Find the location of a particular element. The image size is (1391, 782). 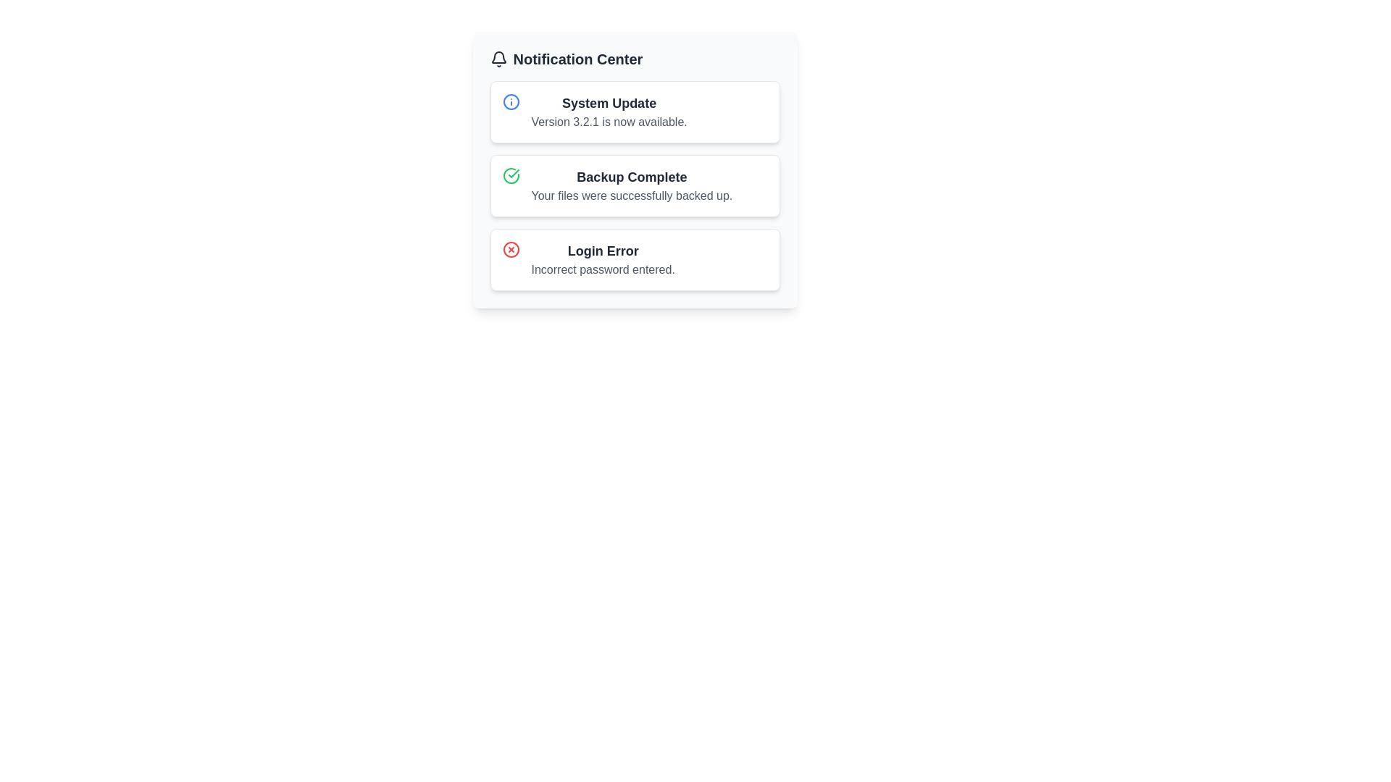

the green circular checkmark icon in the third notification card labeled 'Backup Complete' in the notification center is located at coordinates (514, 172).